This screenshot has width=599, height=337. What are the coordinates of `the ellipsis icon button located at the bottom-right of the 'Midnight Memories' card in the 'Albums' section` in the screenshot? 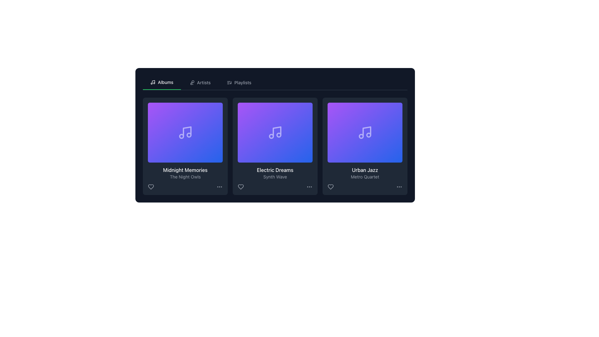 It's located at (220, 186).